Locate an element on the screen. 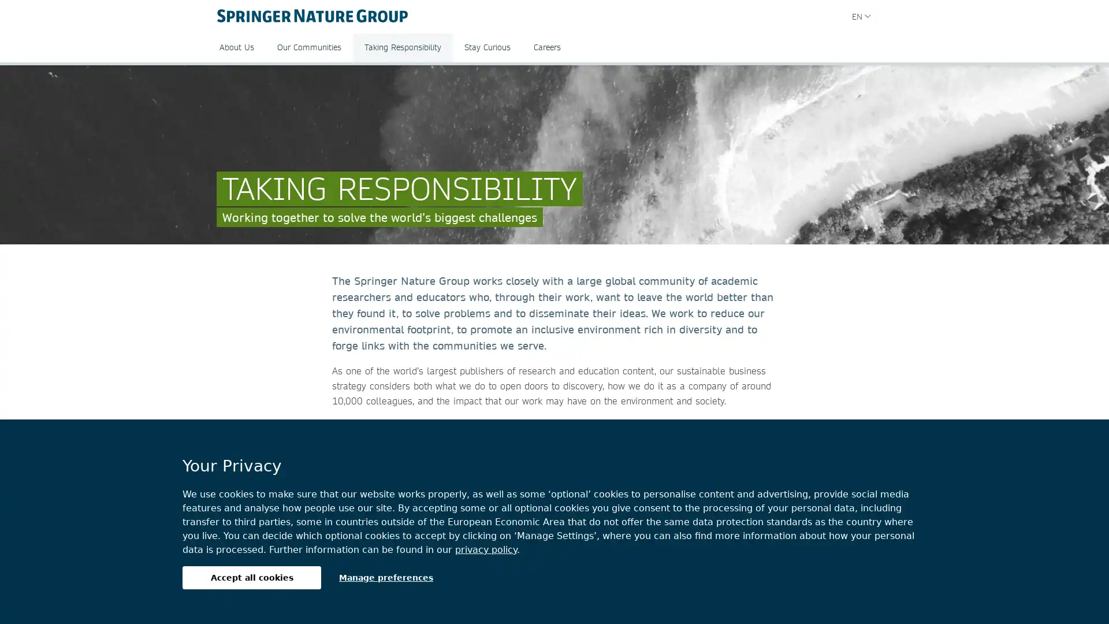  Manage preferences is located at coordinates (386, 577).